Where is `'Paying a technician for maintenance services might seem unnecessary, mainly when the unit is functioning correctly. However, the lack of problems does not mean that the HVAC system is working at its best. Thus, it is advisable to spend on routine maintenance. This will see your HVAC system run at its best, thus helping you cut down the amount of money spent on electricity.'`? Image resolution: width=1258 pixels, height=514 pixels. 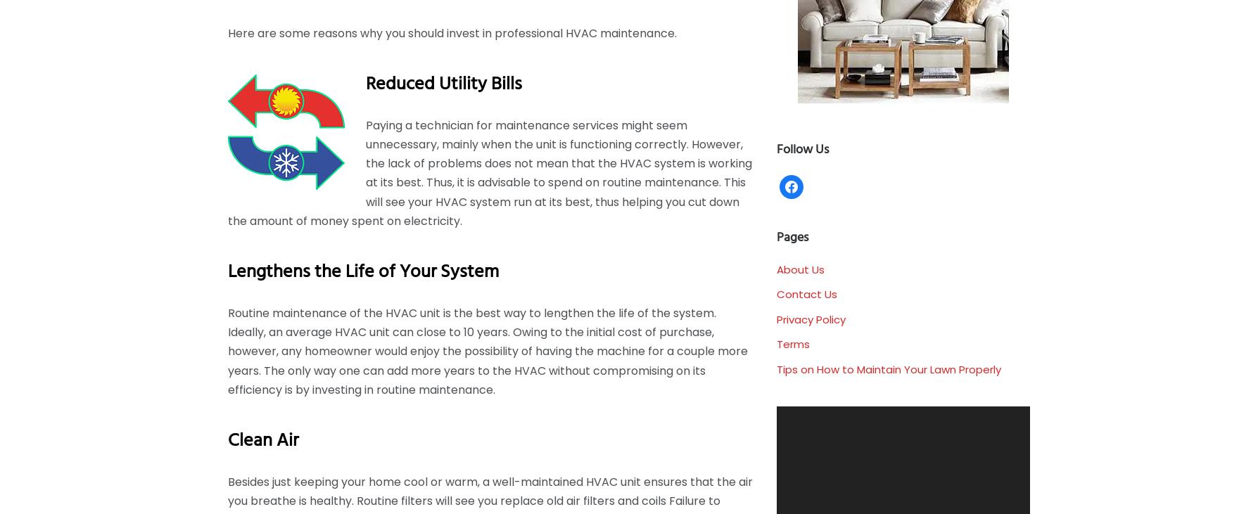 'Paying a technician for maintenance services might seem unnecessary, mainly when the unit is functioning correctly. However, the lack of problems does not mean that the HVAC system is working at its best. Thus, it is advisable to spend on routine maintenance. This will see your HVAC system run at its best, thus helping you cut down the amount of money spent on electricity.' is located at coordinates (489, 172).